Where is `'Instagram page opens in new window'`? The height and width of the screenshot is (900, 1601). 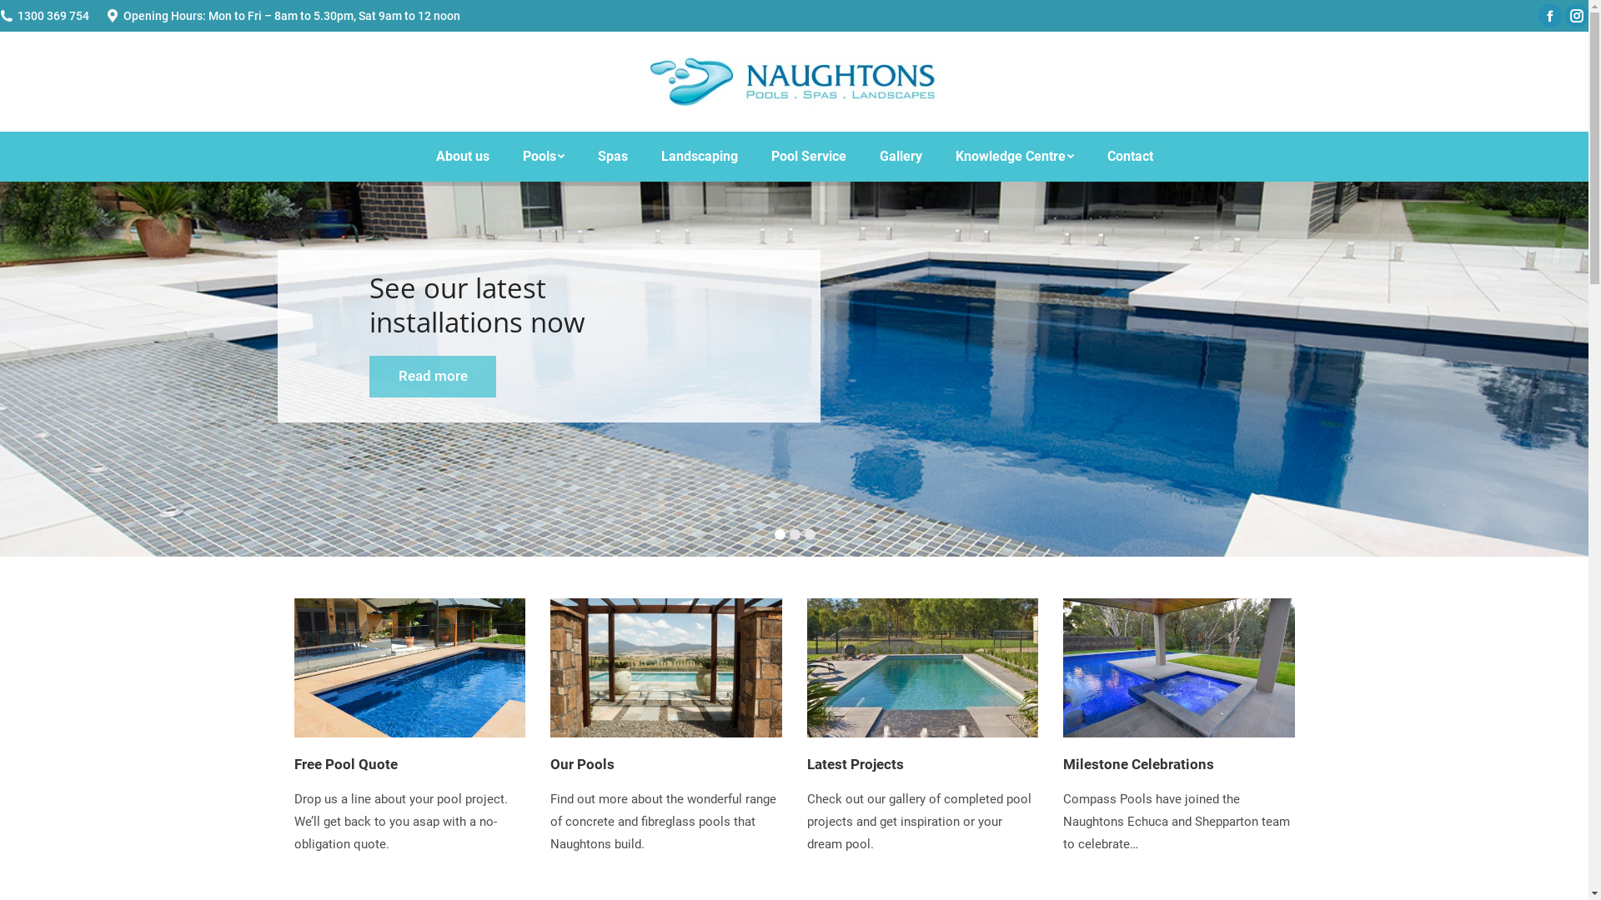 'Instagram page opens in new window' is located at coordinates (1576, 16).